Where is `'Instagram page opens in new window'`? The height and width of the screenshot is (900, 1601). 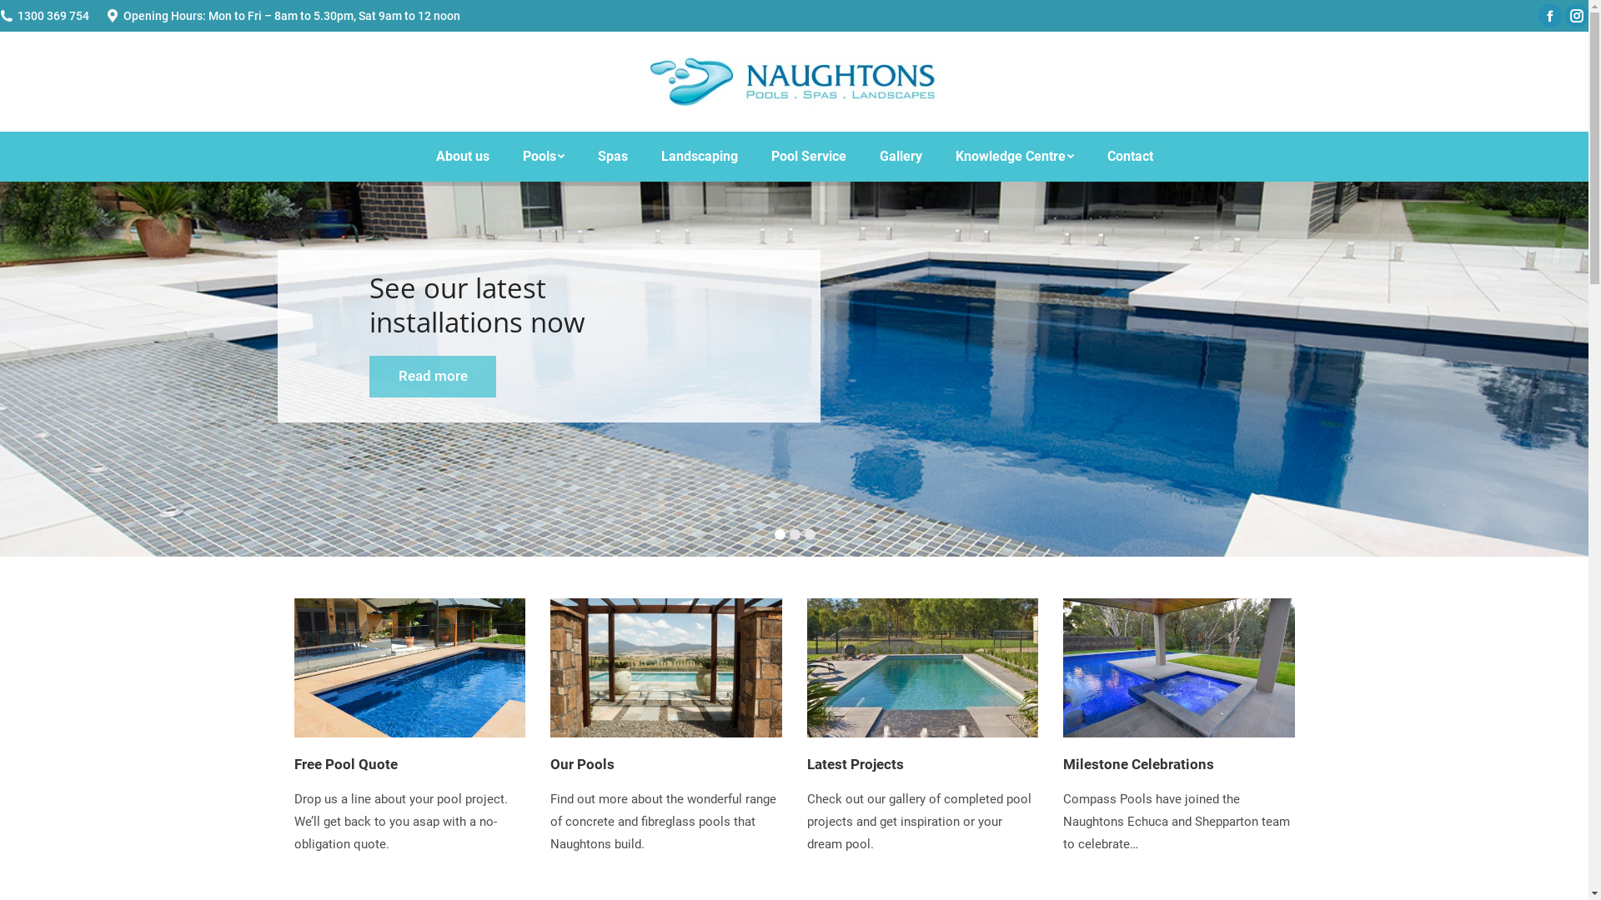 'Instagram page opens in new window' is located at coordinates (1576, 16).